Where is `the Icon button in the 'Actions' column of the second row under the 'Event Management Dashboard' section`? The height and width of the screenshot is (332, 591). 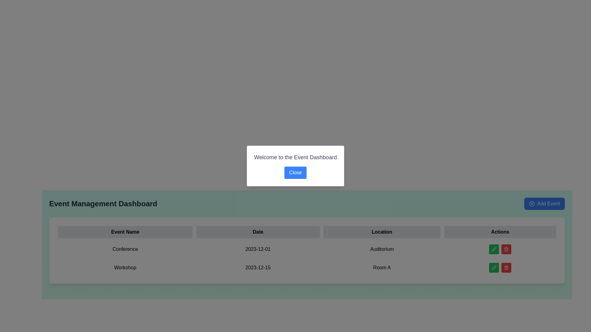 the Icon button in the 'Actions' column of the second row under the 'Event Management Dashboard' section is located at coordinates (506, 267).